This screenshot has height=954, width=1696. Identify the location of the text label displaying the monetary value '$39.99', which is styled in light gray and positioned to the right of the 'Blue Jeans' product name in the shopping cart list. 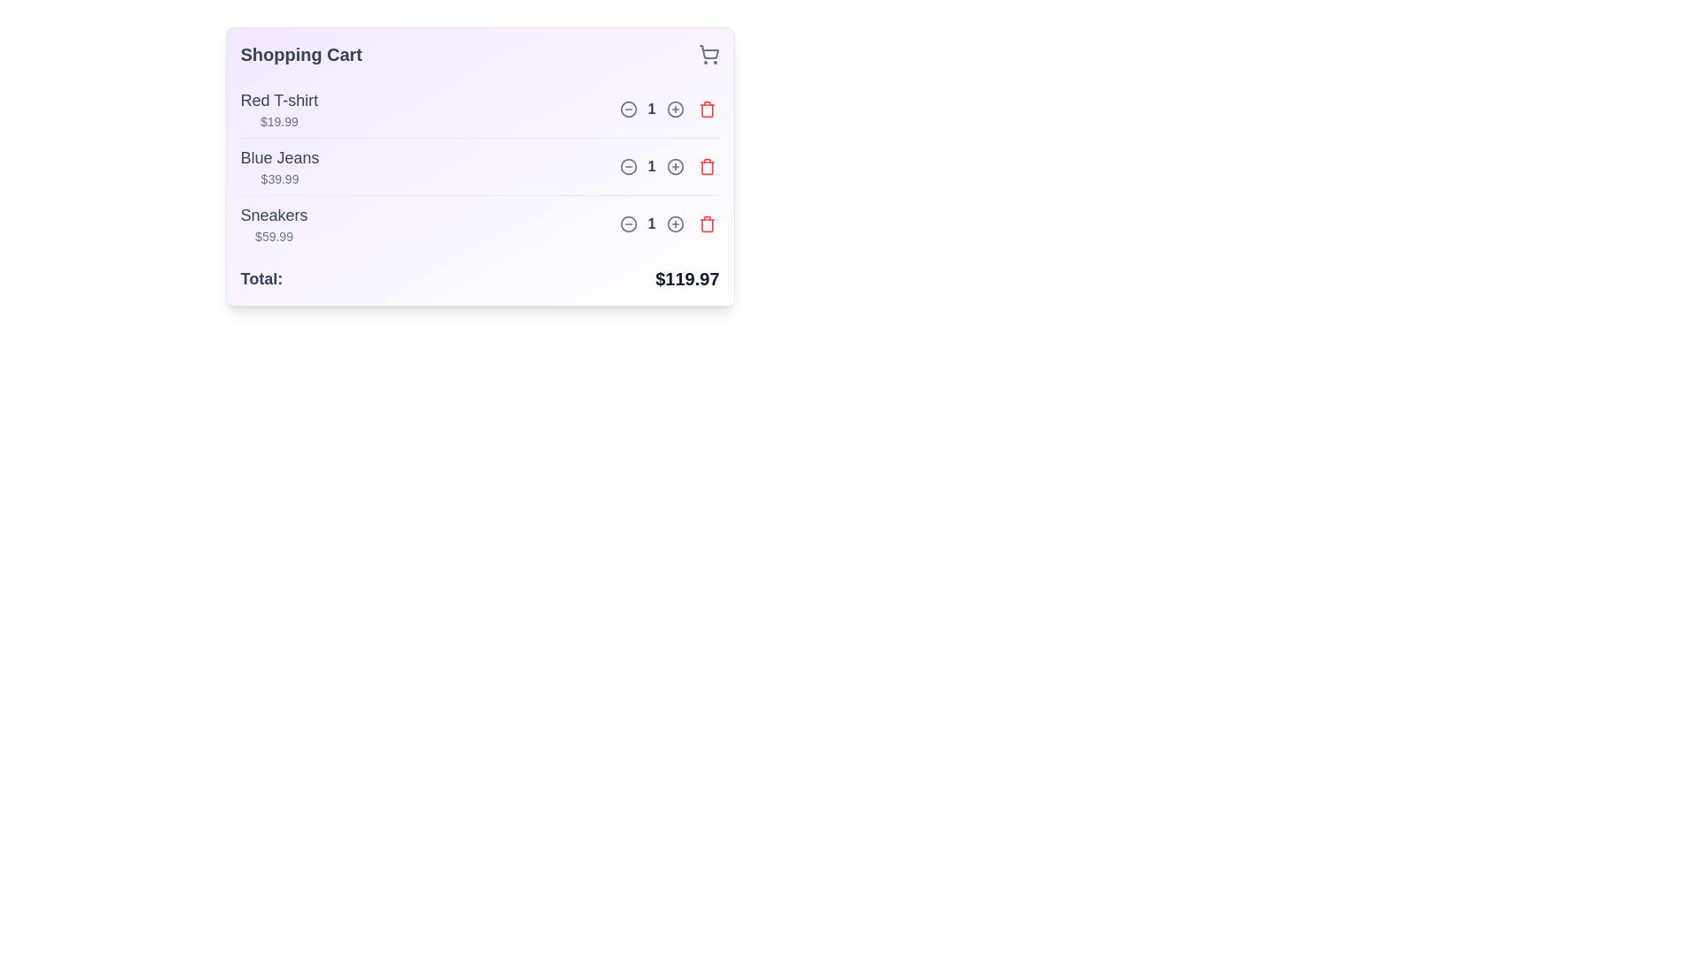
(278, 179).